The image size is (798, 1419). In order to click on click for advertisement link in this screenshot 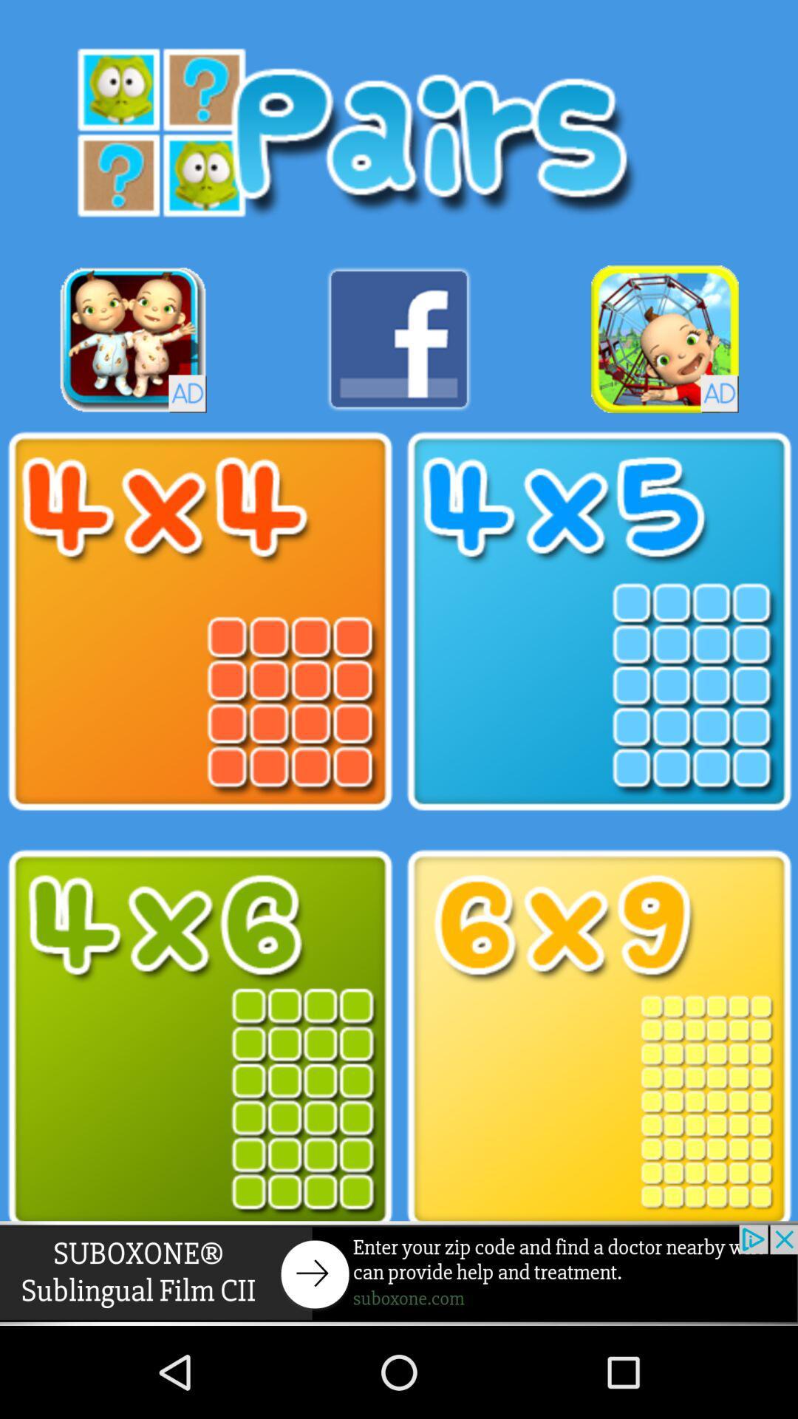, I will do `click(133, 338)`.